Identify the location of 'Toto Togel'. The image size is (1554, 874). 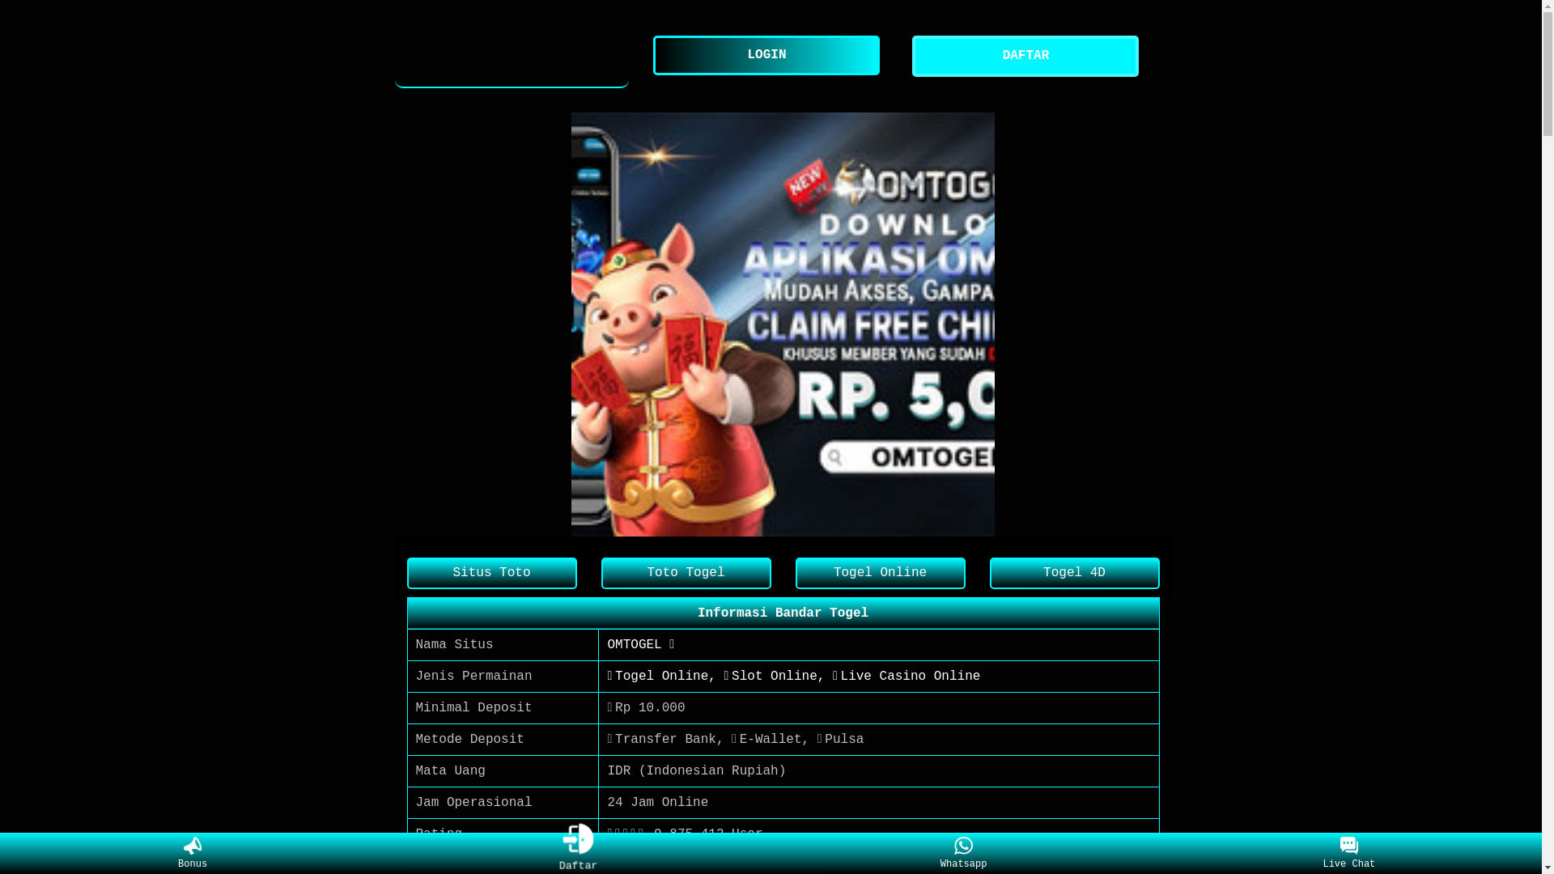
(685, 572).